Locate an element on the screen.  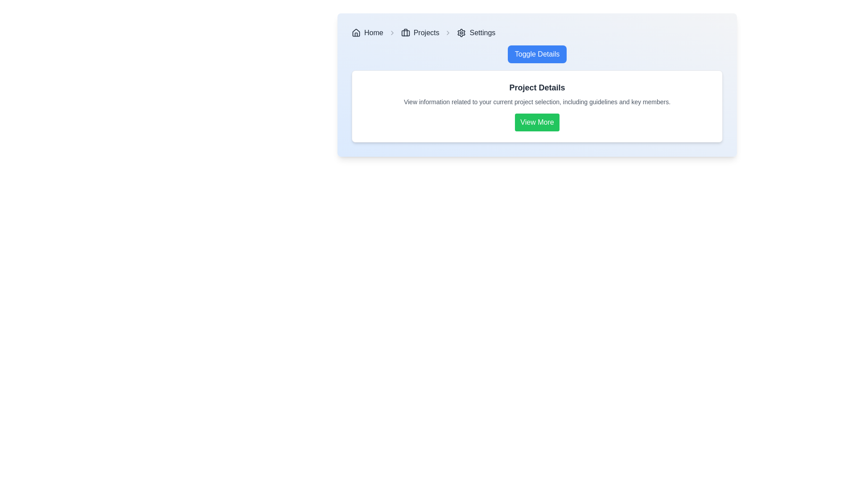
the button located in the 'Project Details' panel, positioned below the text describing project information, to observe the hover effect is located at coordinates (536, 122).